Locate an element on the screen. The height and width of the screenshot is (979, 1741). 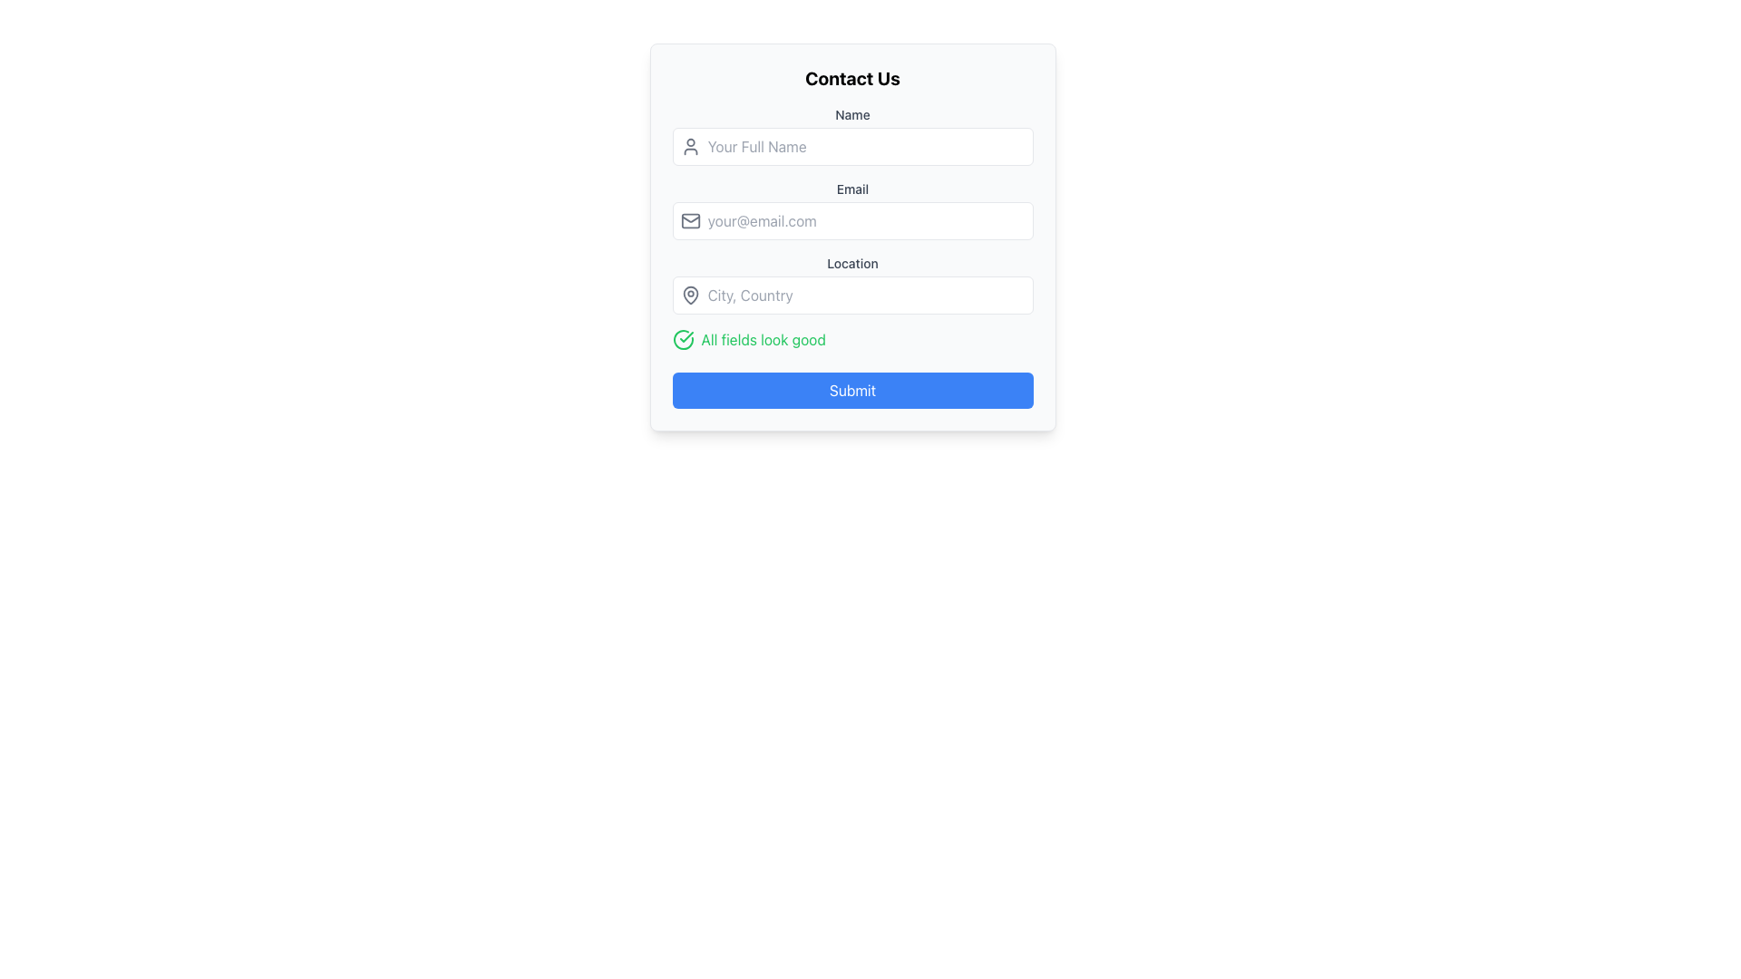
the success indicator icon located to the left of the text 'All fields look good' in the 'Contact Us' form, positioned near the bottom before the blue Submit button is located at coordinates (682, 339).